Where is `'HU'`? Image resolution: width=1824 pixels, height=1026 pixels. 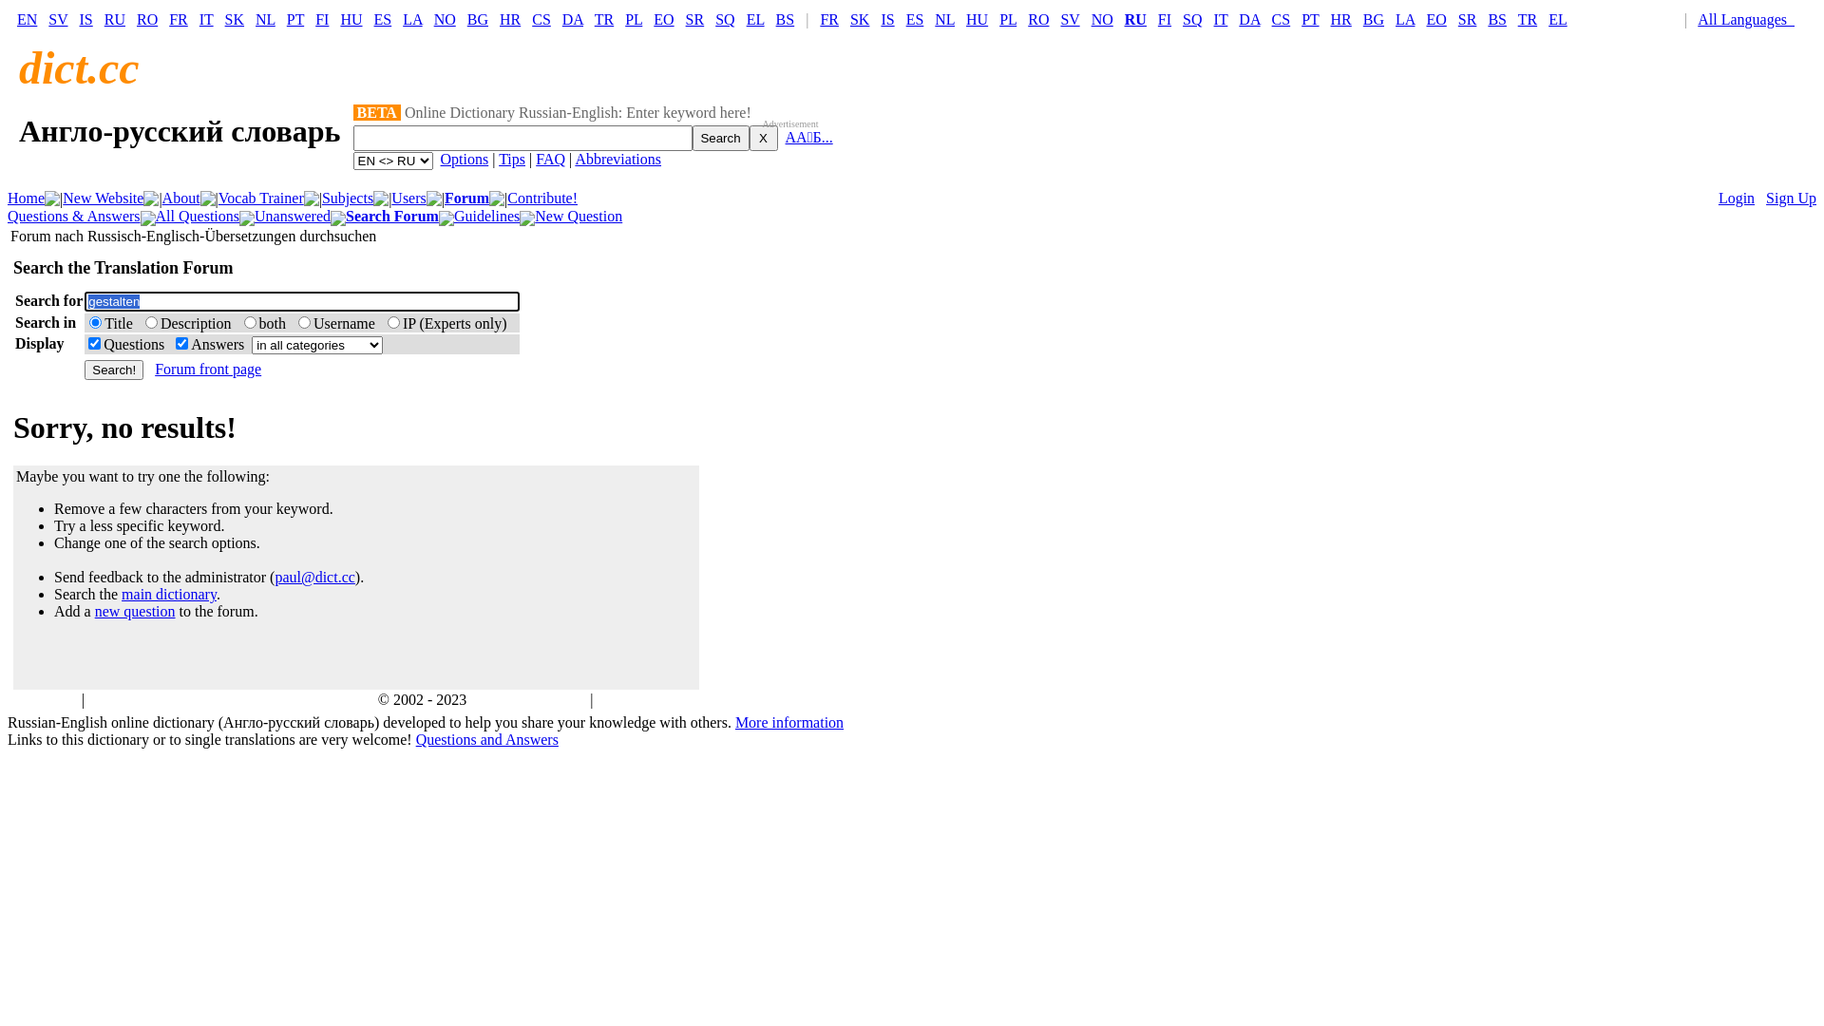
'HU' is located at coordinates (351, 19).